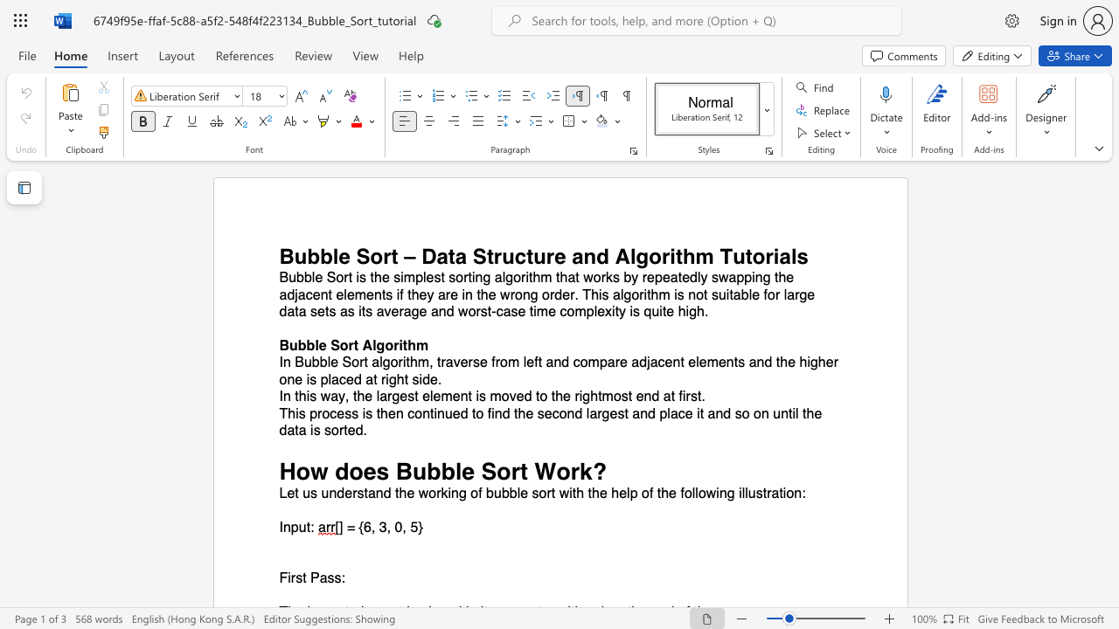  I want to click on the subset text "s:" within the text "First Pass:", so click(334, 578).